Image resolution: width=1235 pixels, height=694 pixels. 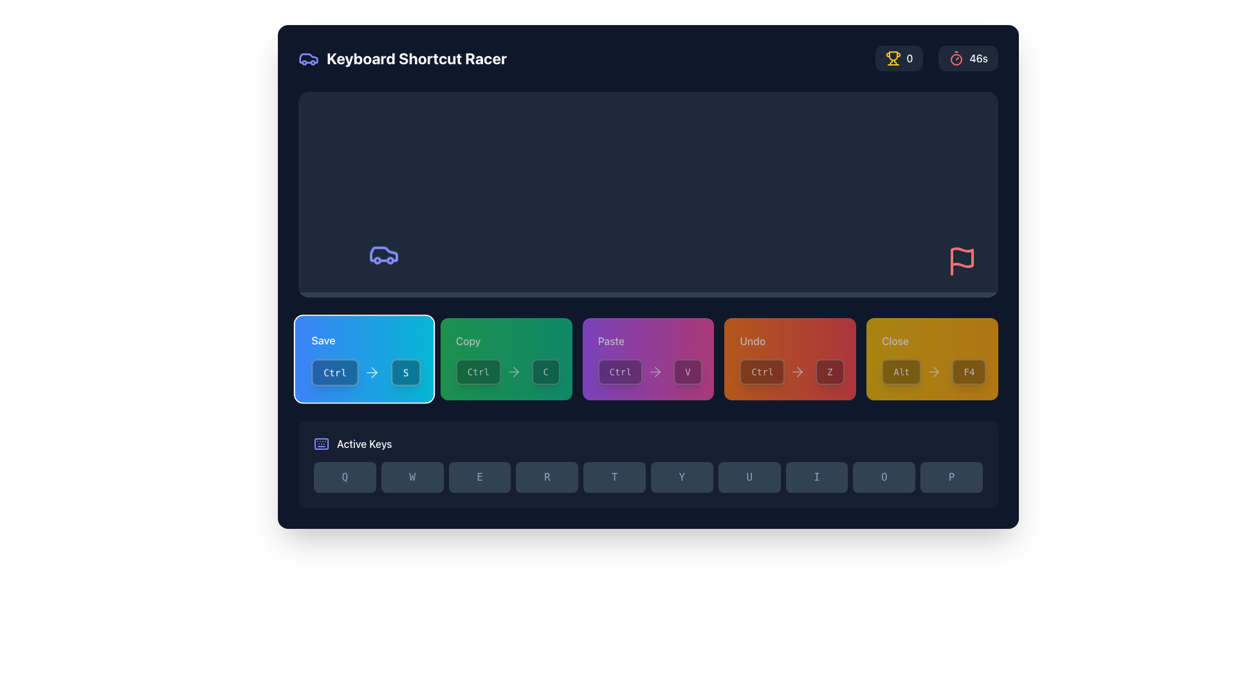 What do you see at coordinates (545, 371) in the screenshot?
I see `the 'C' key button in the Keyboard Shortcut Visualizer, which has a dark green background and displays the character 'C' in a light color, located in the bottom row of shortcut keys` at bounding box center [545, 371].